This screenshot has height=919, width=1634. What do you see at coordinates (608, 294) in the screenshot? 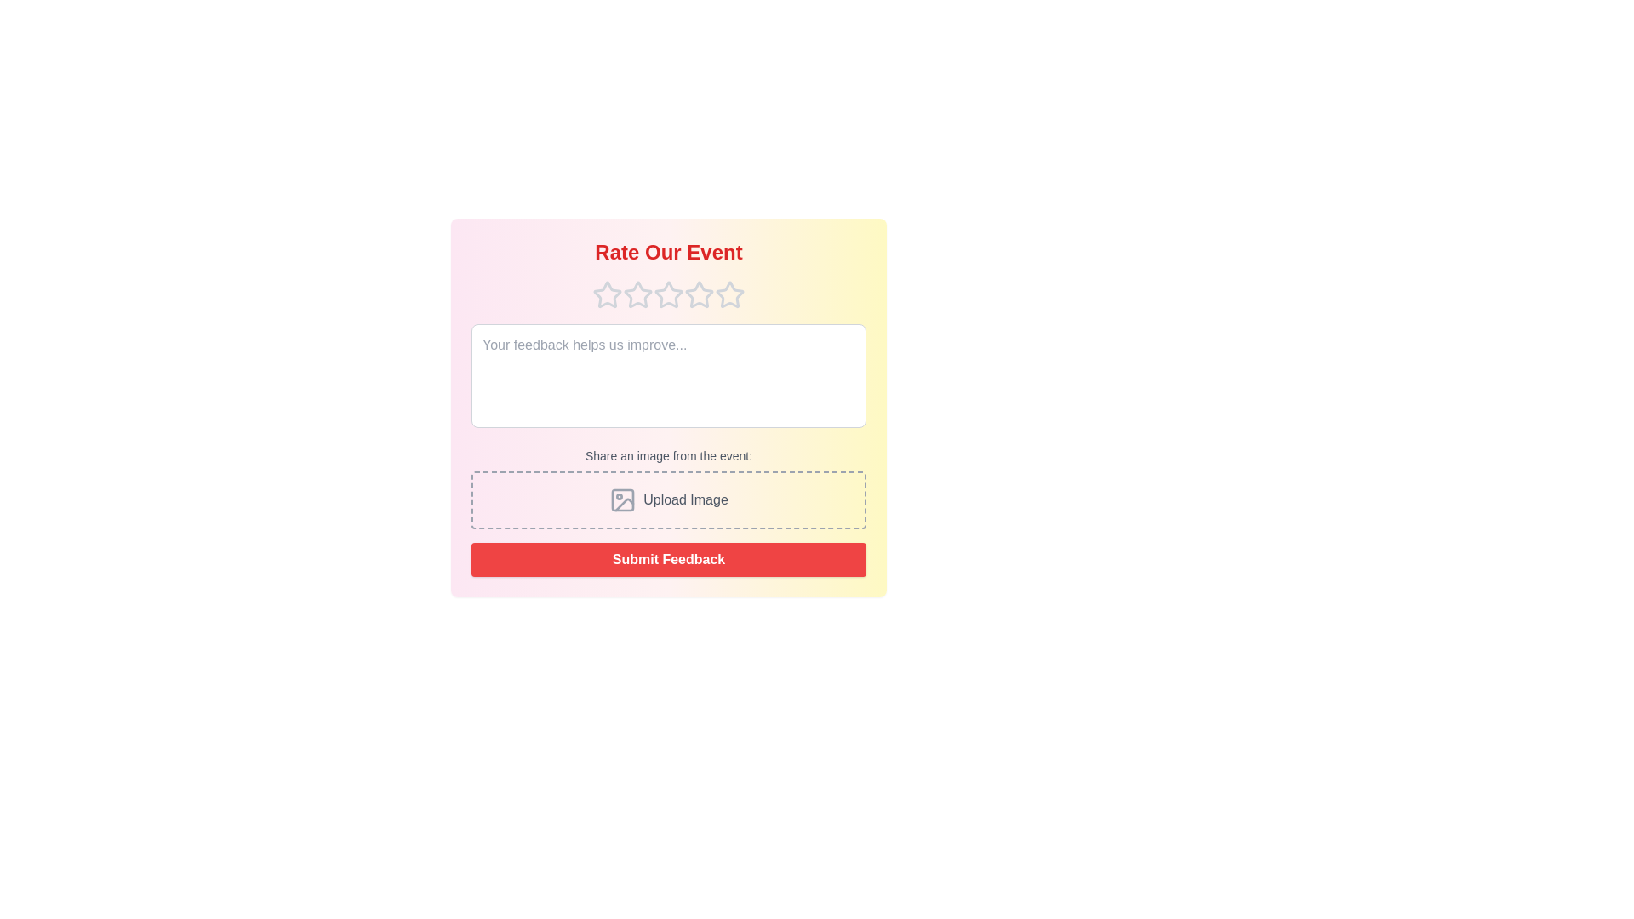
I see `the star corresponding to the desired rating 1` at bounding box center [608, 294].